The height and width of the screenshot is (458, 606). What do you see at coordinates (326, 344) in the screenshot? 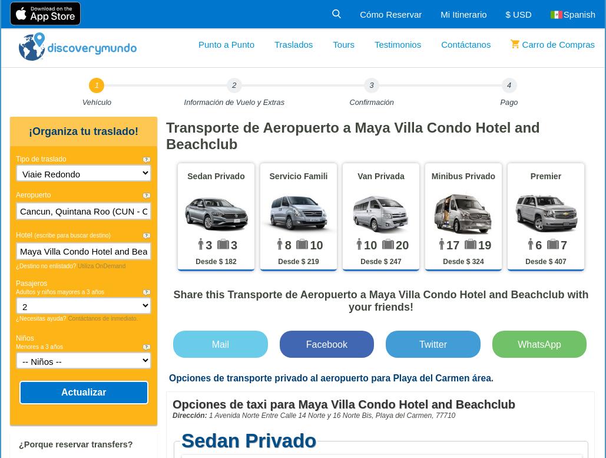
I see `'Facebook'` at bounding box center [326, 344].